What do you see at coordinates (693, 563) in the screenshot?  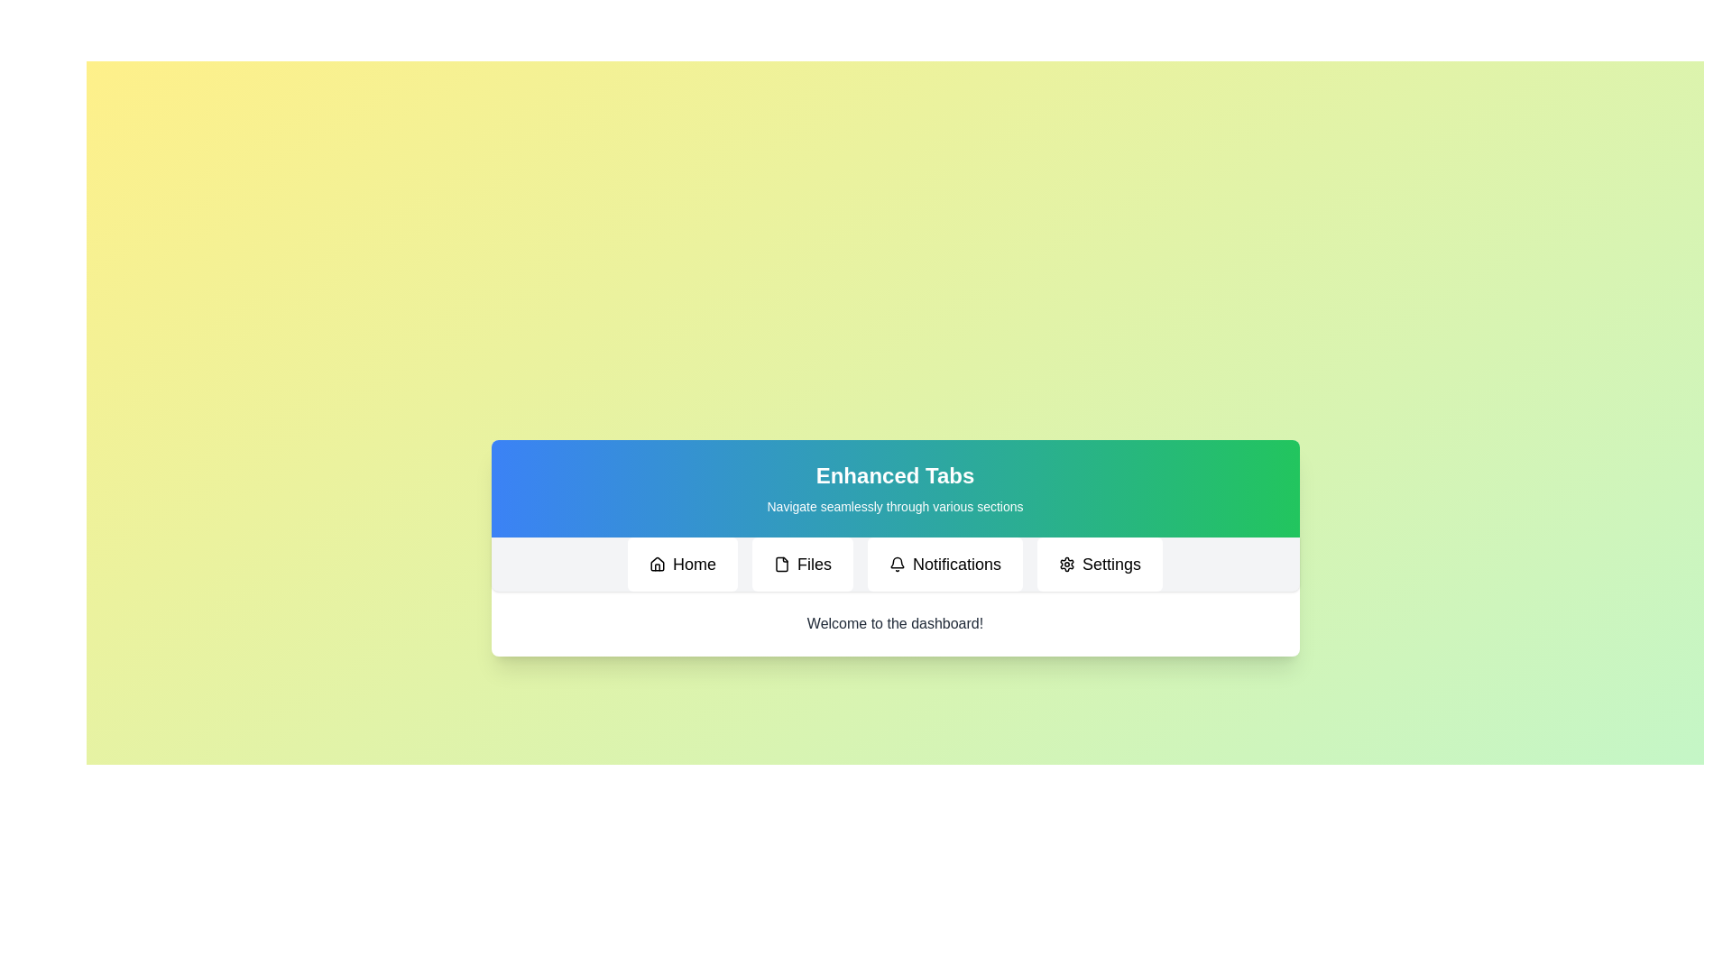 I see `the 'Home' static text label in the leftmost tab of the tabbed navigation menu, which is positioned to the right of the house-shaped icon` at bounding box center [693, 563].